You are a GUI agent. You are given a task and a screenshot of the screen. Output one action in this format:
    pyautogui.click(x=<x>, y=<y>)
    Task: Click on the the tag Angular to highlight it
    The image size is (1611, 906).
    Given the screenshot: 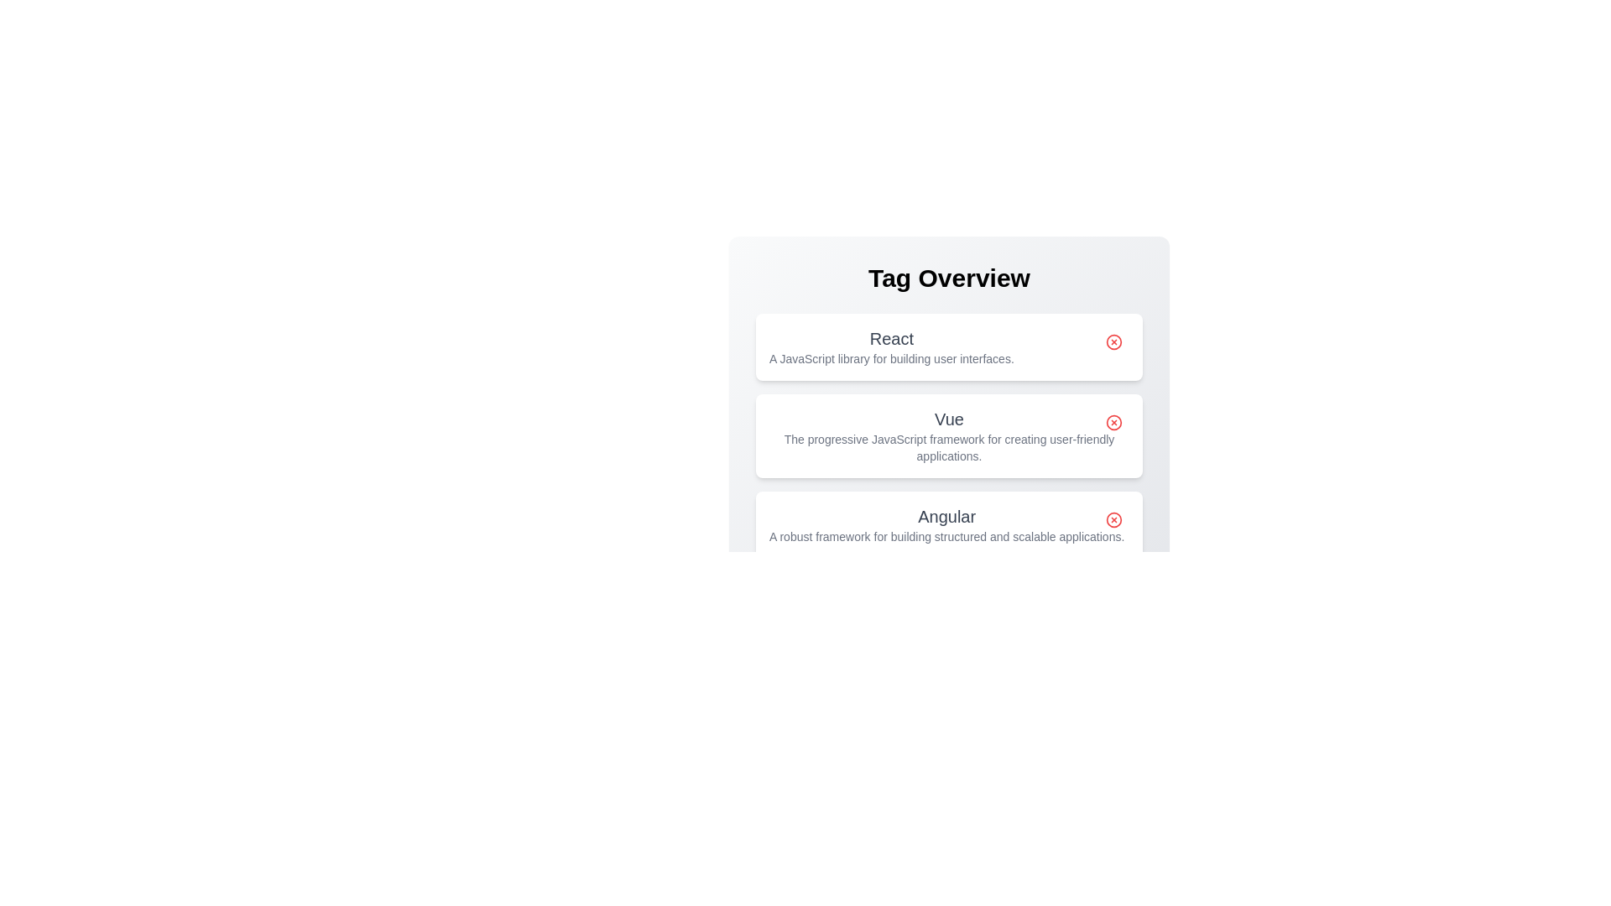 What is the action you would take?
    pyautogui.click(x=946, y=523)
    